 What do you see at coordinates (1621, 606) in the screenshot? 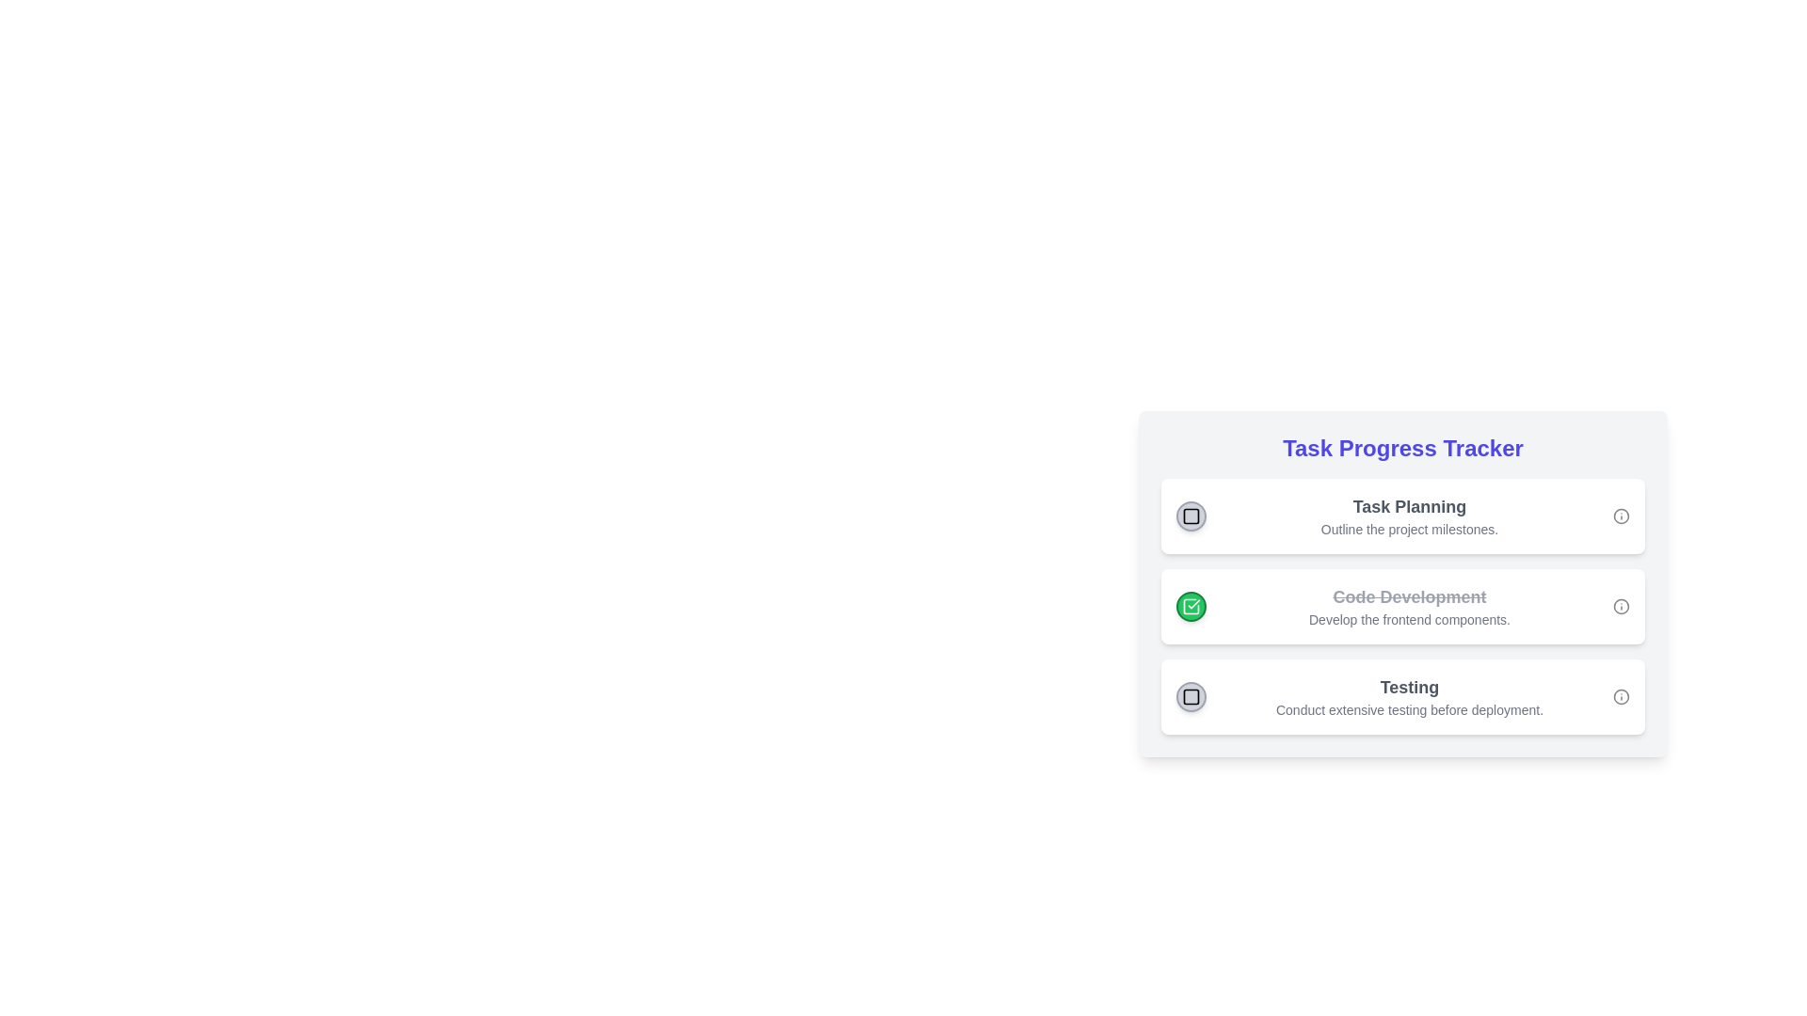
I see `the informational icon located at the far right of the 'Code Development' task card` at bounding box center [1621, 606].